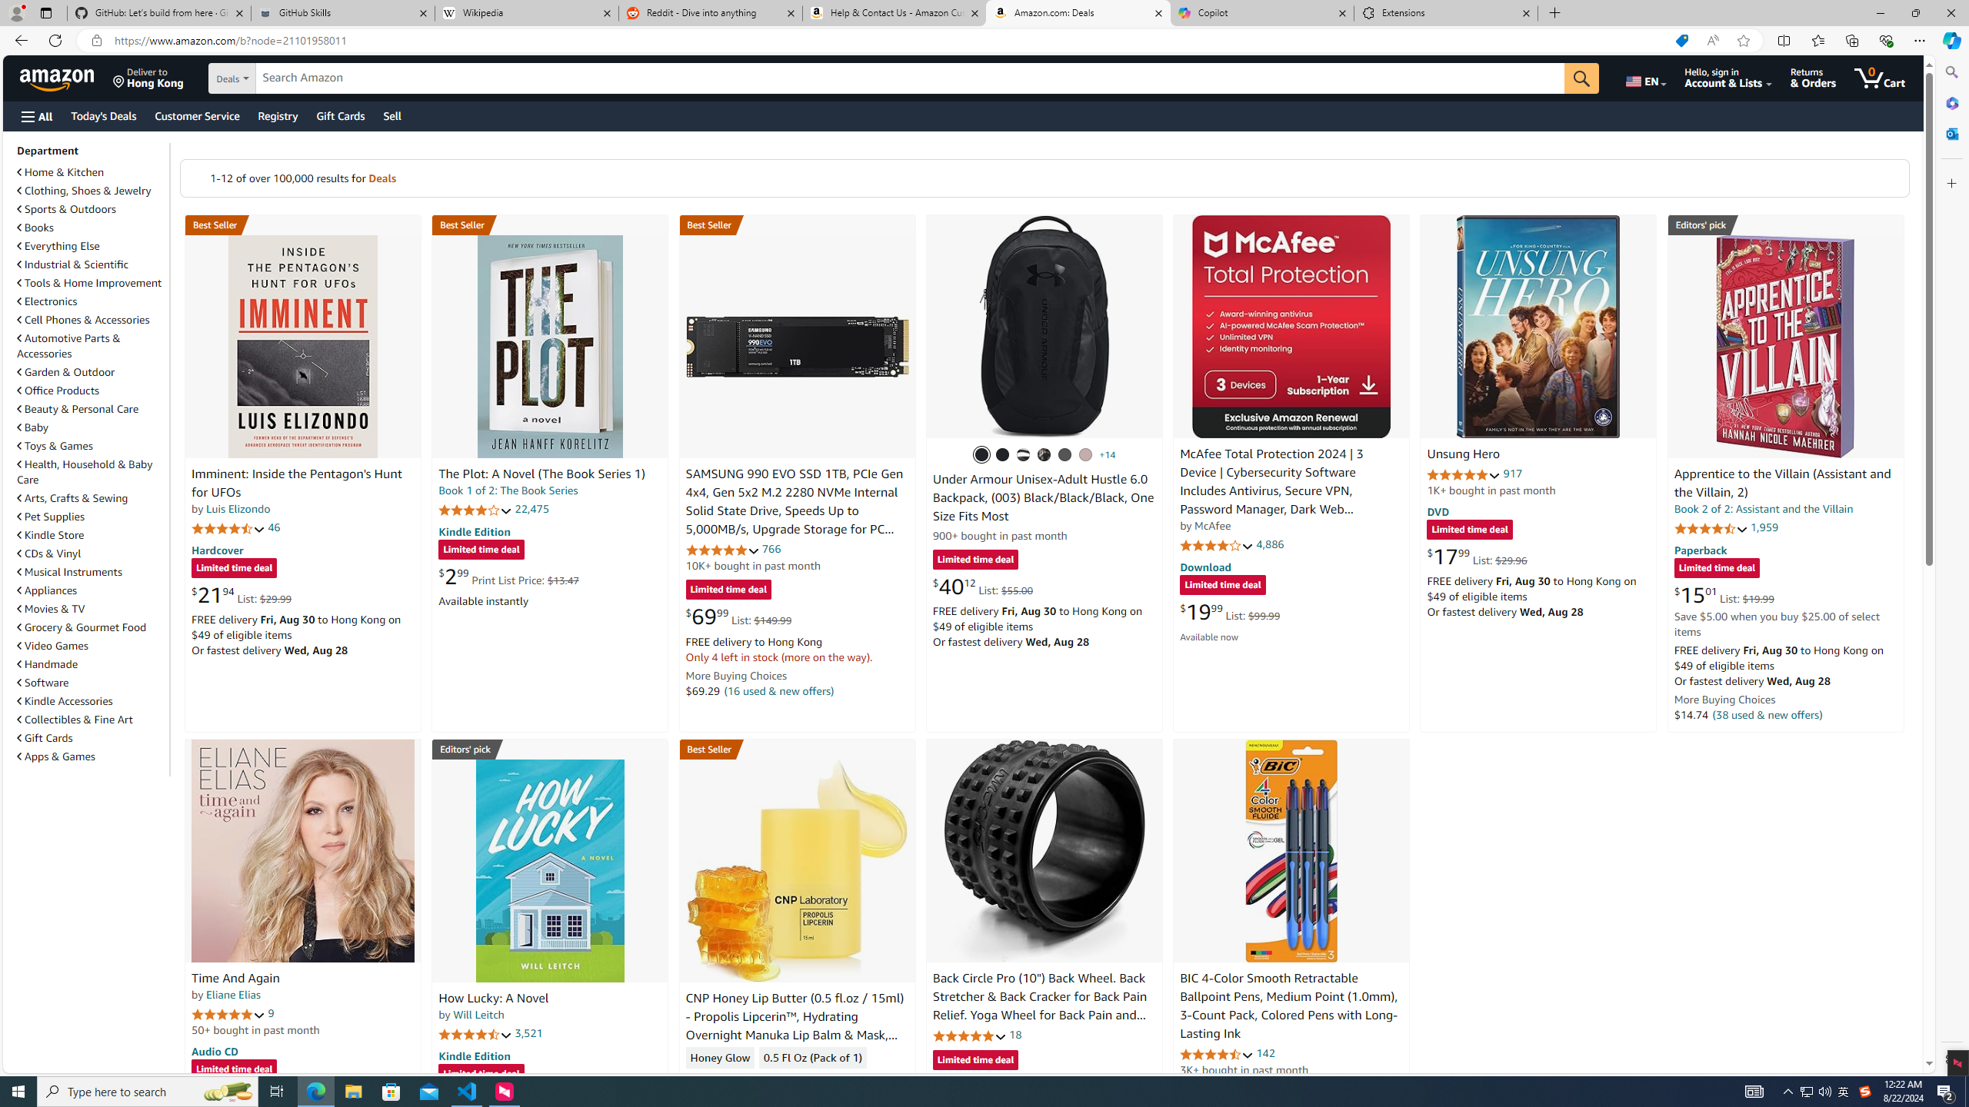 The image size is (1969, 1107). I want to click on 'Help & Contact Us - Amazon Customer Service', so click(893, 12).